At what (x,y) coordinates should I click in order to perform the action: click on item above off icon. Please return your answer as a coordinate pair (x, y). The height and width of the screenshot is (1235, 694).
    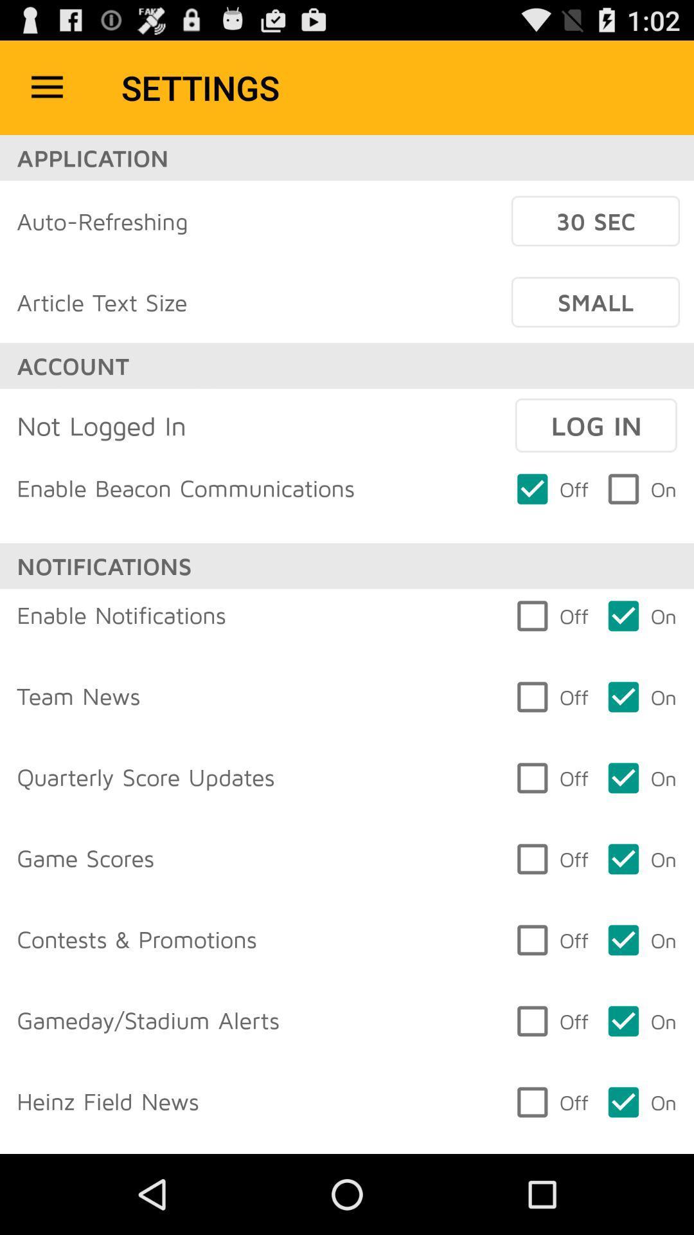
    Looking at the image, I should click on (596, 425).